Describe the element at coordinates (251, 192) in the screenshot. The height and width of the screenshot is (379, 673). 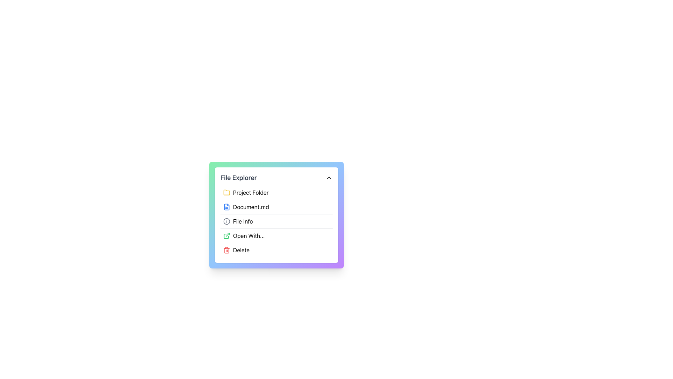
I see `the text label for 'Project Folder' in the file explorer` at that location.